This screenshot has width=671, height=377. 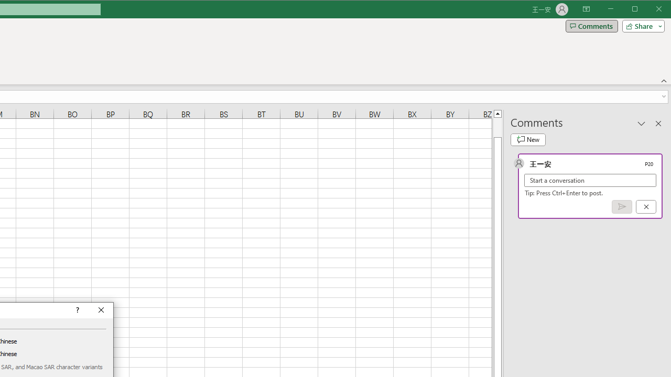 I want to click on 'Cancel', so click(x=645, y=207).